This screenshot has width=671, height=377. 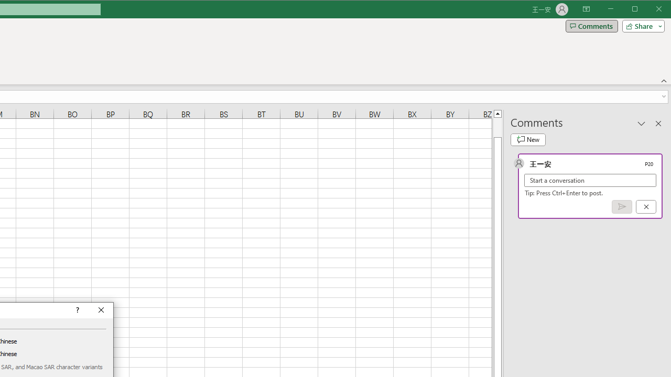 I want to click on 'Cancel', so click(x=645, y=207).